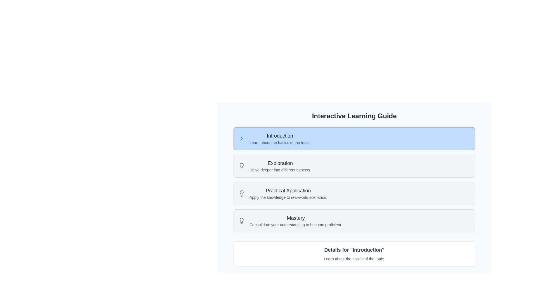  Describe the element at coordinates (280, 163) in the screenshot. I see `the text label reading 'Exploration' which is styled in a large font size and positioned within a light gray section of a vertical list menu` at that location.